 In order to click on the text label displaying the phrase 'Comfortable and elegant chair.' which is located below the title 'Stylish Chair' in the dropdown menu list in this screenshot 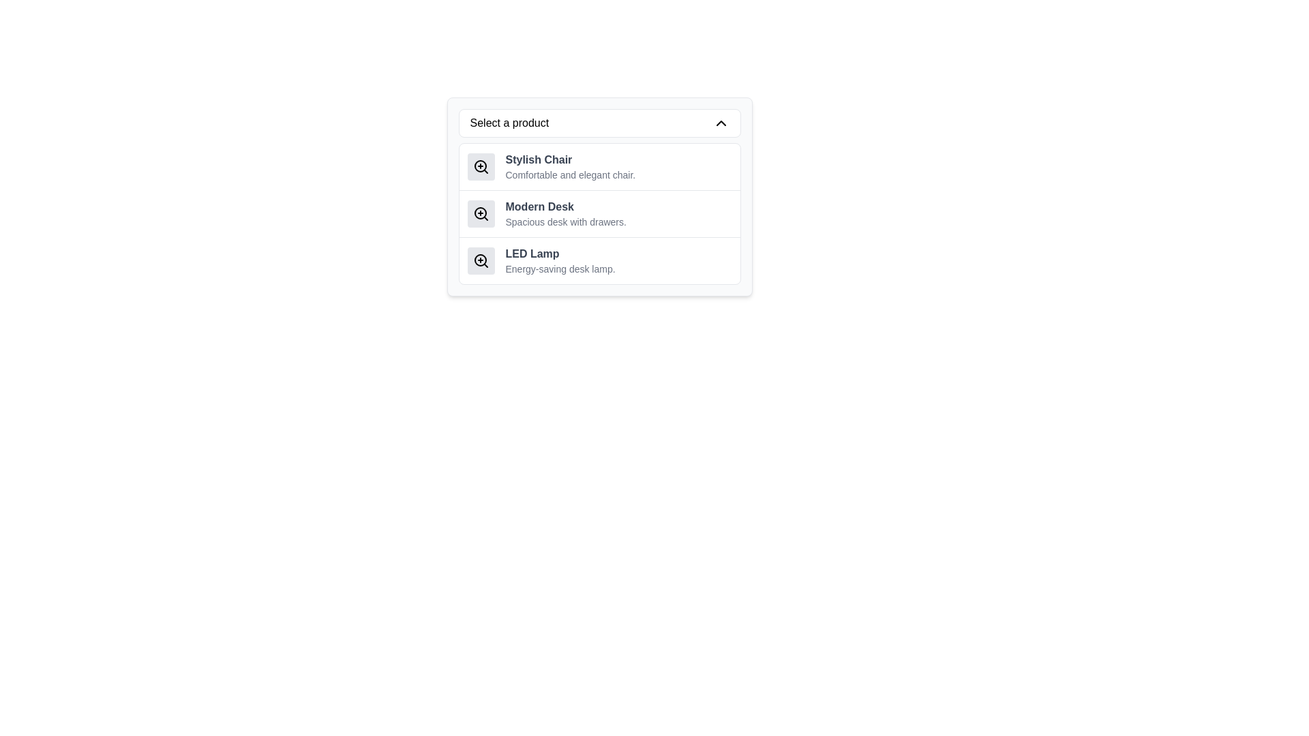, I will do `click(570, 174)`.